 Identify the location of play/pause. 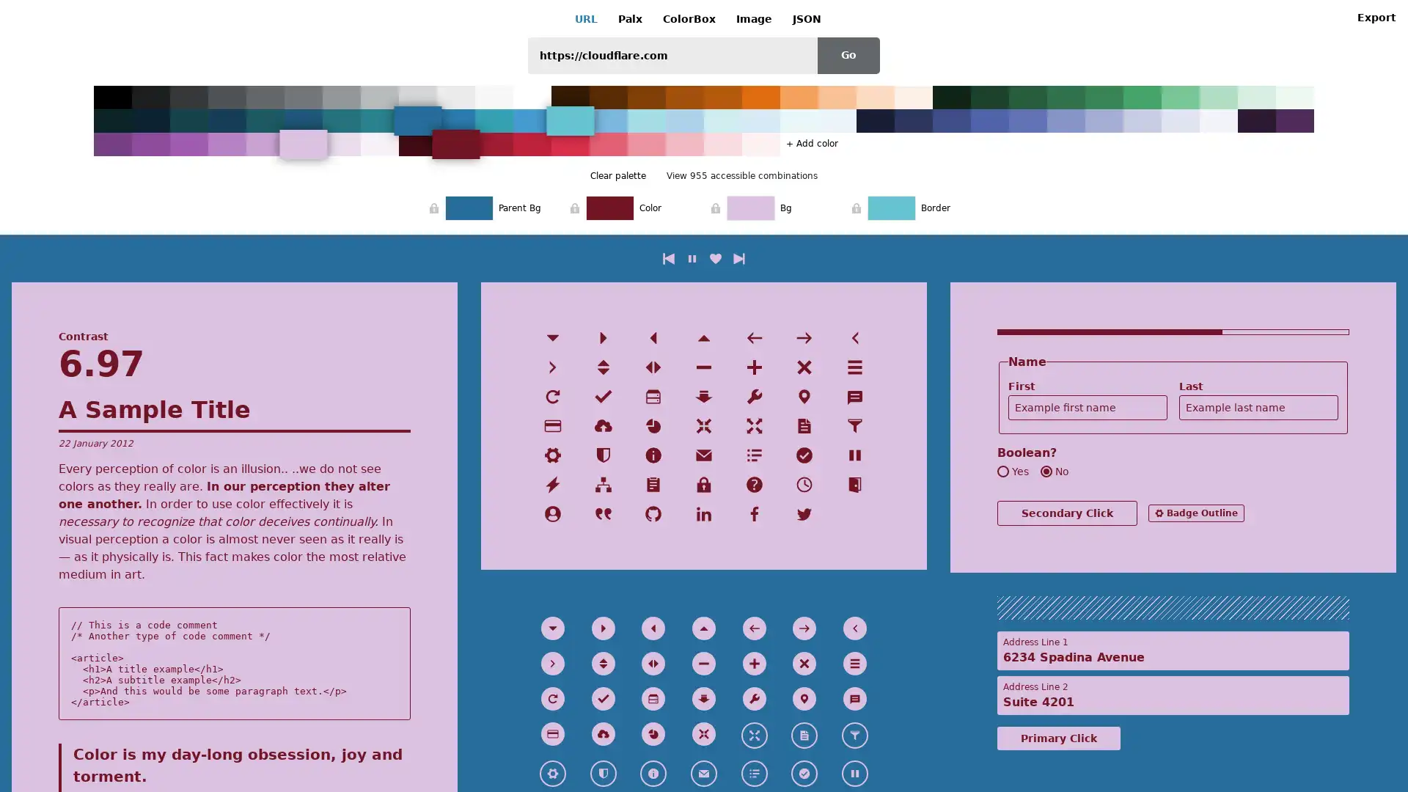
(692, 257).